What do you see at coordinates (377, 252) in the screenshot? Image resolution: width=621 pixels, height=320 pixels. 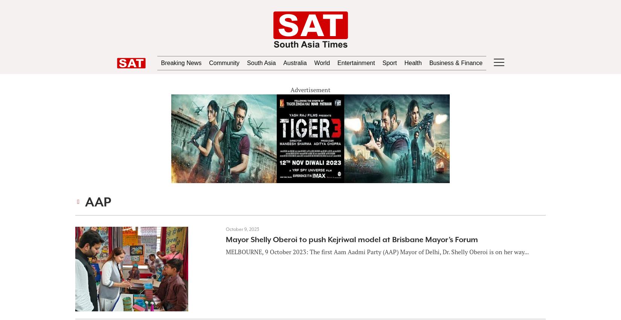 I see `'MELBOURNE, 9 October 2023: The first Aam Aadmi Party (AAP) Mayor of Delhi, Dr. Shelly Oberoi is on her way...'` at bounding box center [377, 252].